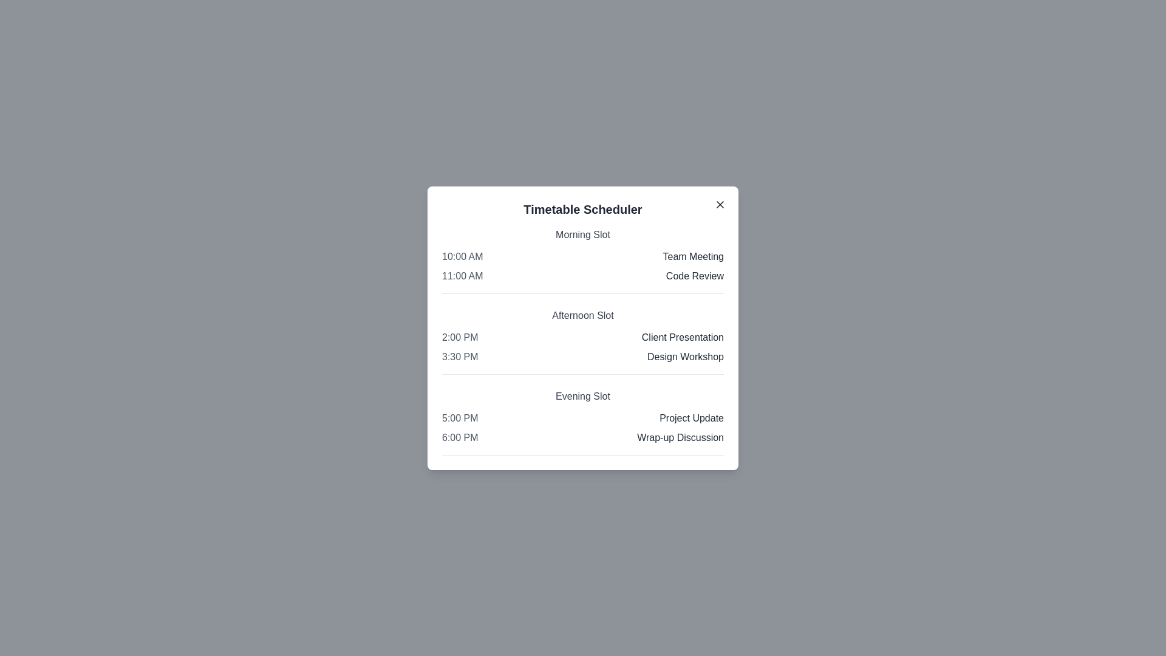  Describe the element at coordinates (462, 276) in the screenshot. I see `the event time 11:00 AM to select it` at that location.